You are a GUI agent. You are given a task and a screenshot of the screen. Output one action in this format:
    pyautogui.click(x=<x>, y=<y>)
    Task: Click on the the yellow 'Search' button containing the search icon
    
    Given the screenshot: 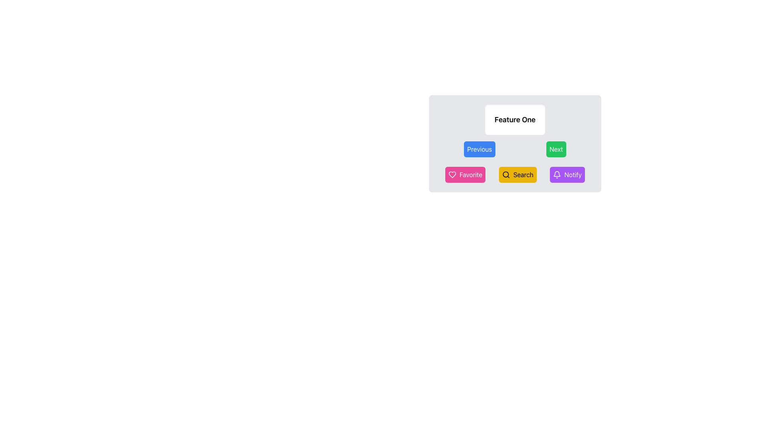 What is the action you would take?
    pyautogui.click(x=506, y=174)
    